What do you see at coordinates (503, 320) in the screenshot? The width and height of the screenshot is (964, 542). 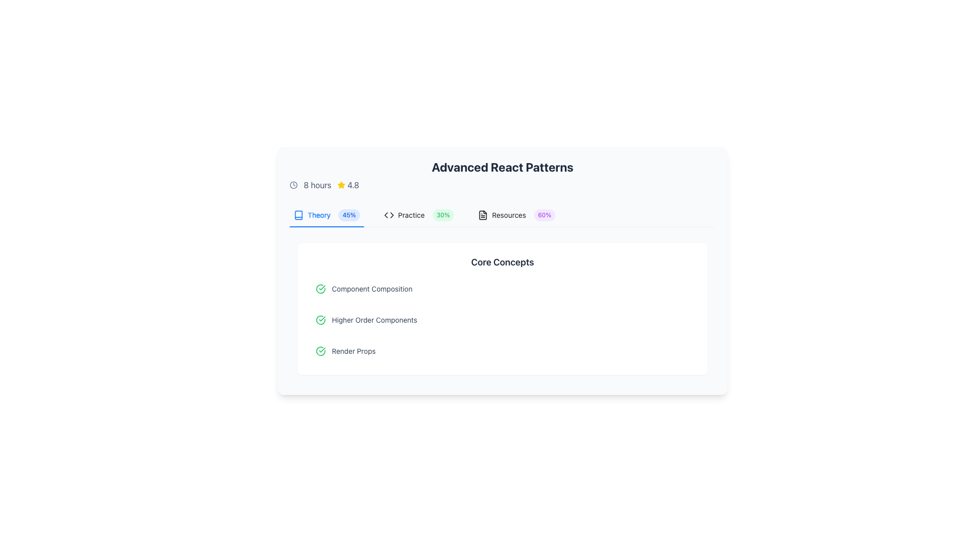 I see `the second list item indicating 'Higher Order Components' within the 'Core Concepts' section of the React development learning interface` at bounding box center [503, 320].